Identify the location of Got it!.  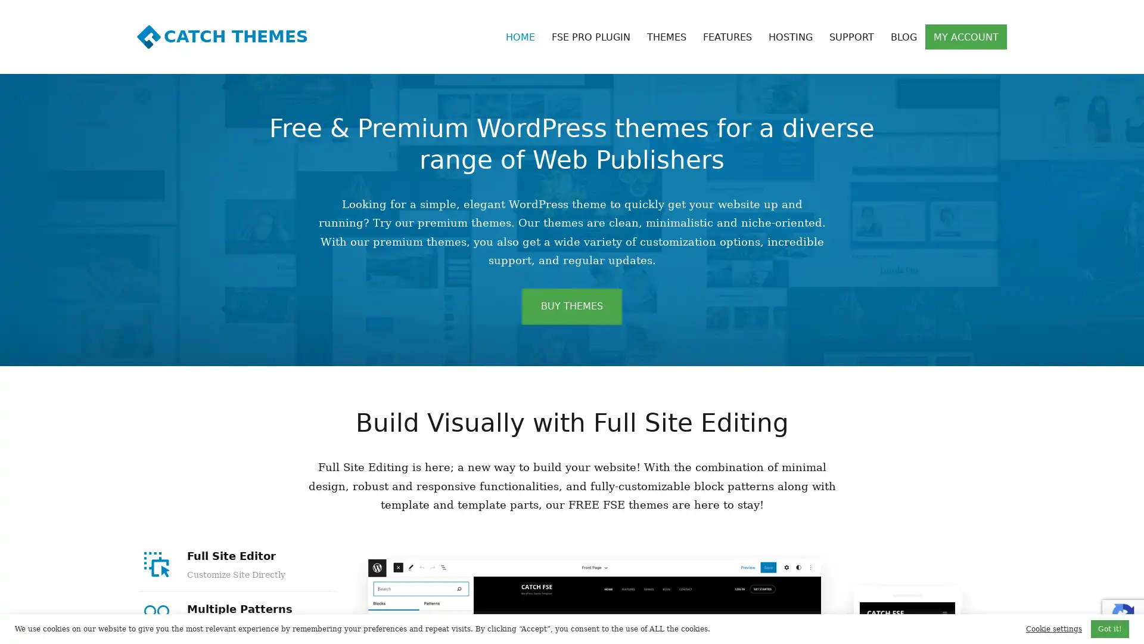
(1109, 628).